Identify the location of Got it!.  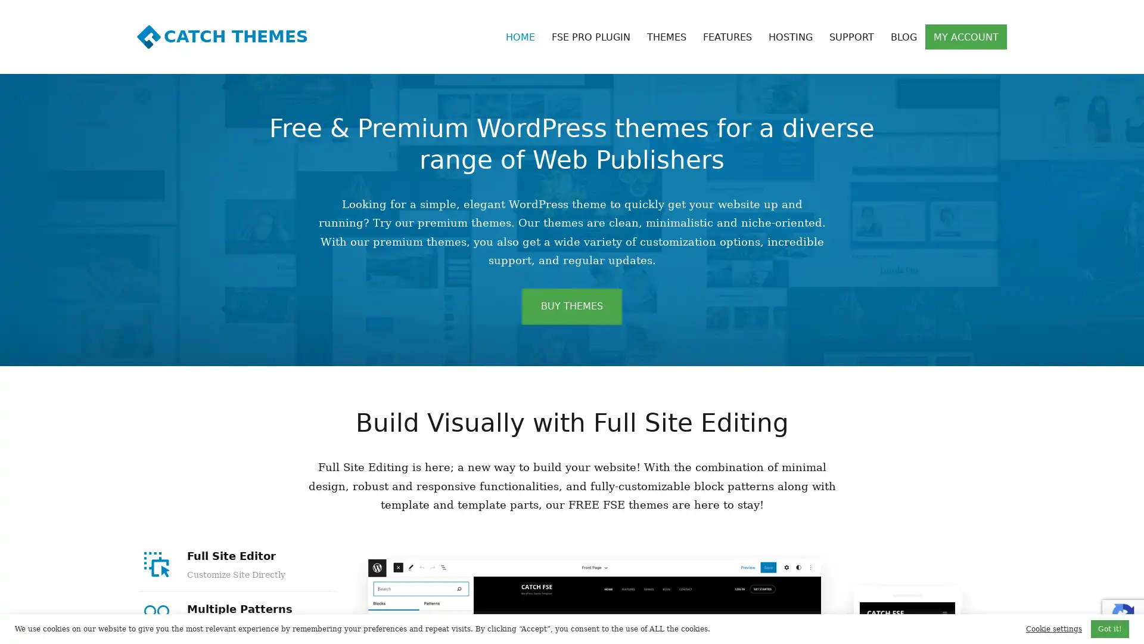
(1109, 628).